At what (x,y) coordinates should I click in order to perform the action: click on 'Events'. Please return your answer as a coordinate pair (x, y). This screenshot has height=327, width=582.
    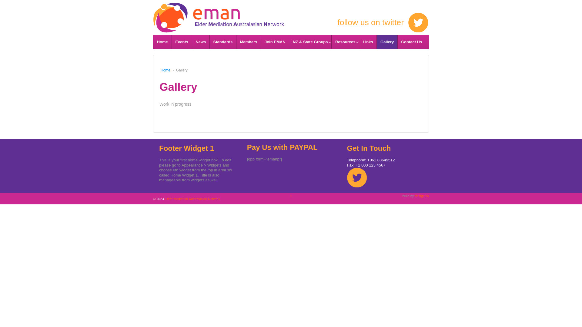
    Looking at the image, I should click on (181, 41).